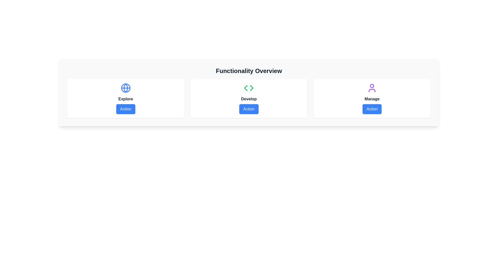  Describe the element at coordinates (249, 71) in the screenshot. I see `text of the Headline or Title Text, which introduces the content above the 'Explore', 'Develop', and 'Manage' cards` at that location.